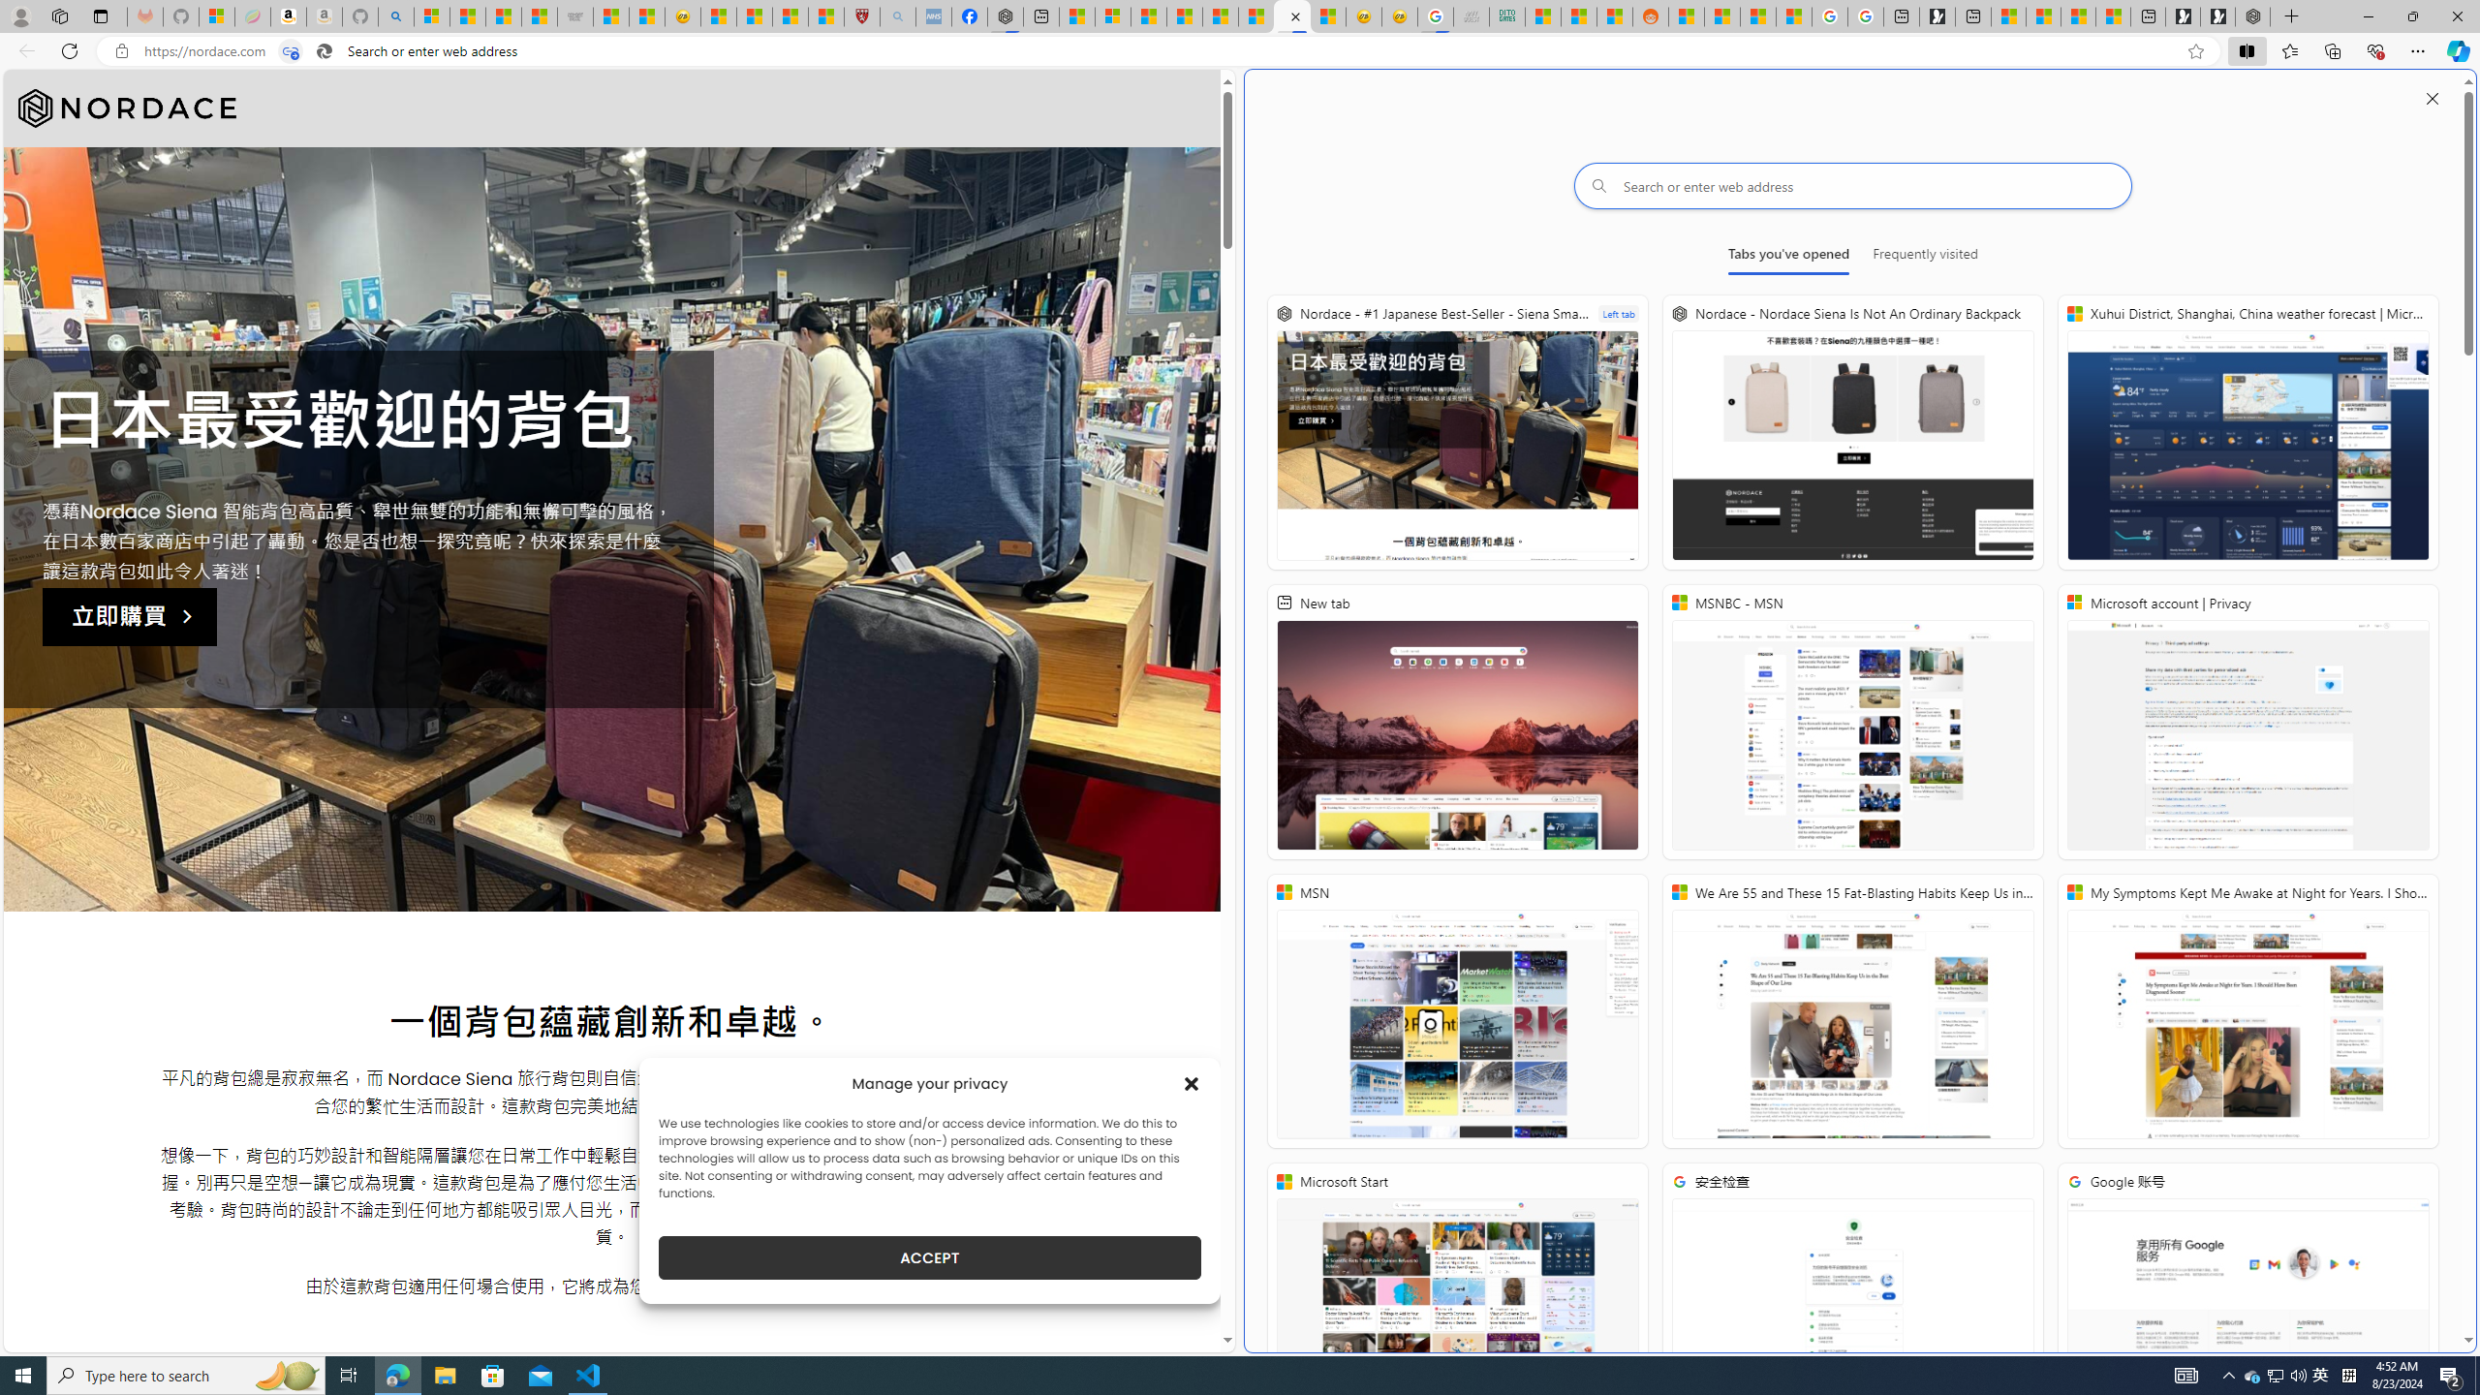 This screenshot has height=1395, width=2480. Describe the element at coordinates (2247, 721) in the screenshot. I see `'Microsoft account | Privacy'` at that location.